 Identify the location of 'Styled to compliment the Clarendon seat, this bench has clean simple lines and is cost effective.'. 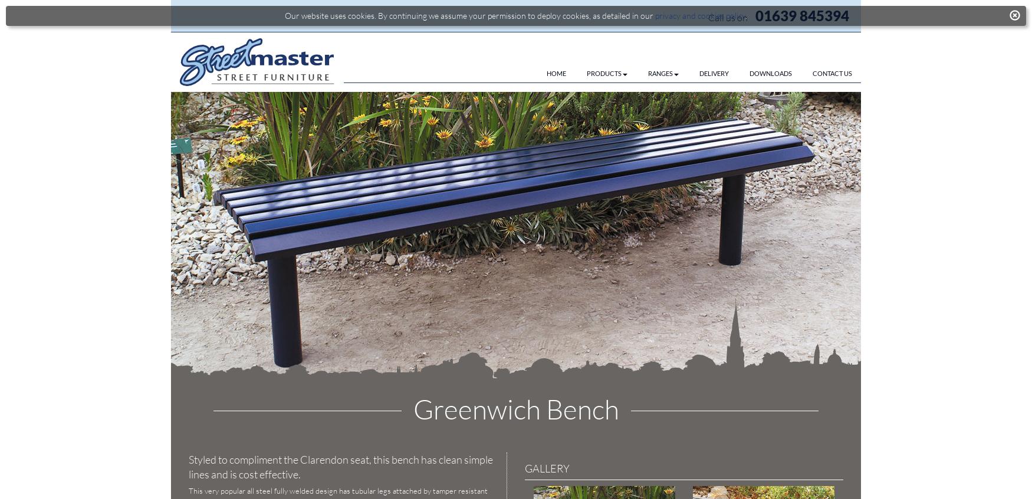
(341, 467).